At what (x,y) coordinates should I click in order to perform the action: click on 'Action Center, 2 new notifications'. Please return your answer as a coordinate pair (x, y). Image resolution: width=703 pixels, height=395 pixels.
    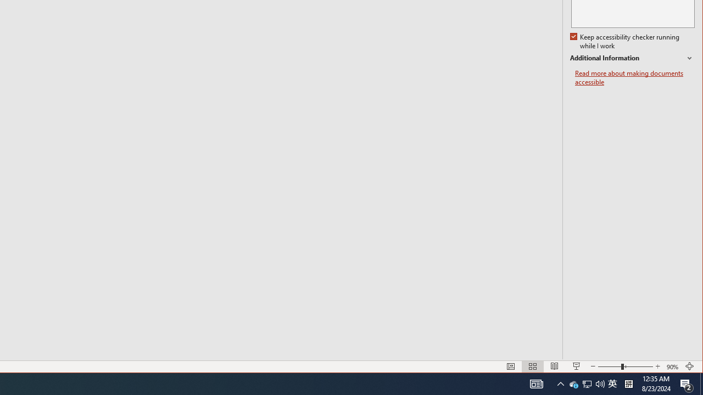
    Looking at the image, I should click on (687, 383).